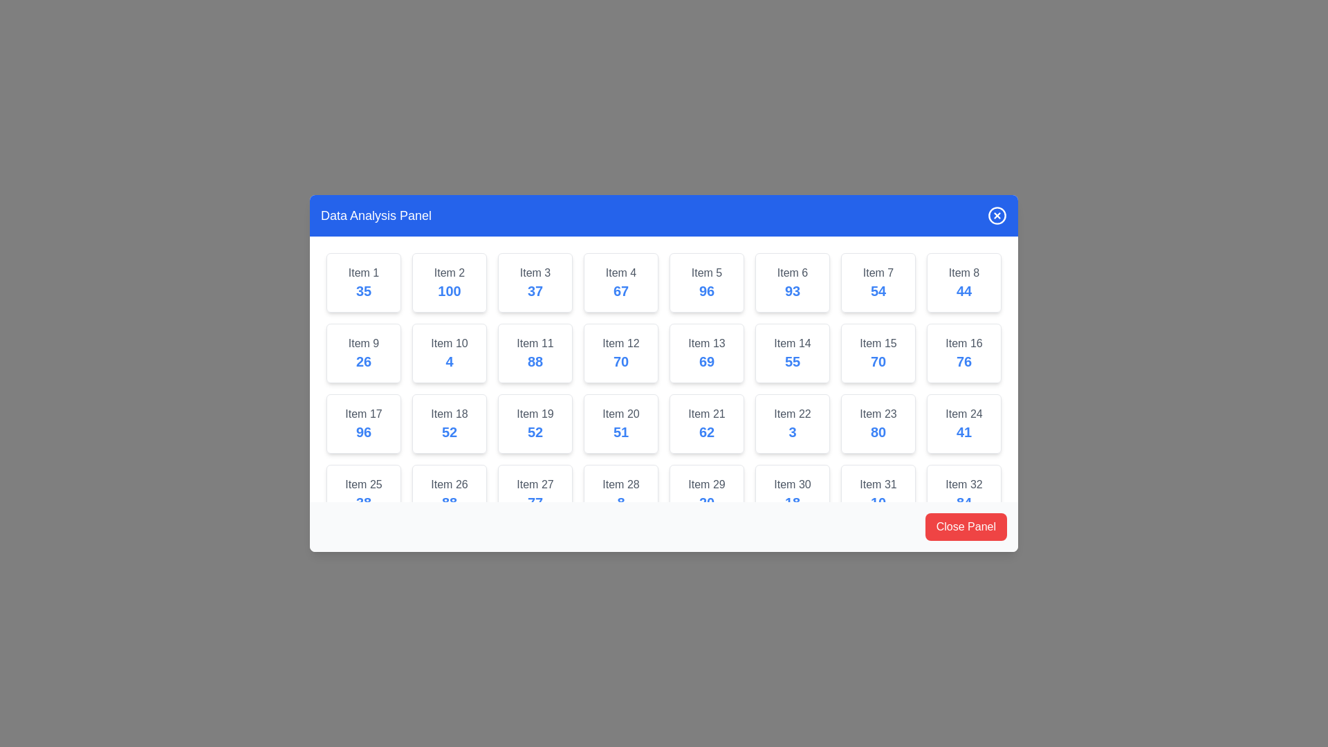 Image resolution: width=1328 pixels, height=747 pixels. I want to click on the 'Close Panel' button to close the dialog, so click(965, 527).